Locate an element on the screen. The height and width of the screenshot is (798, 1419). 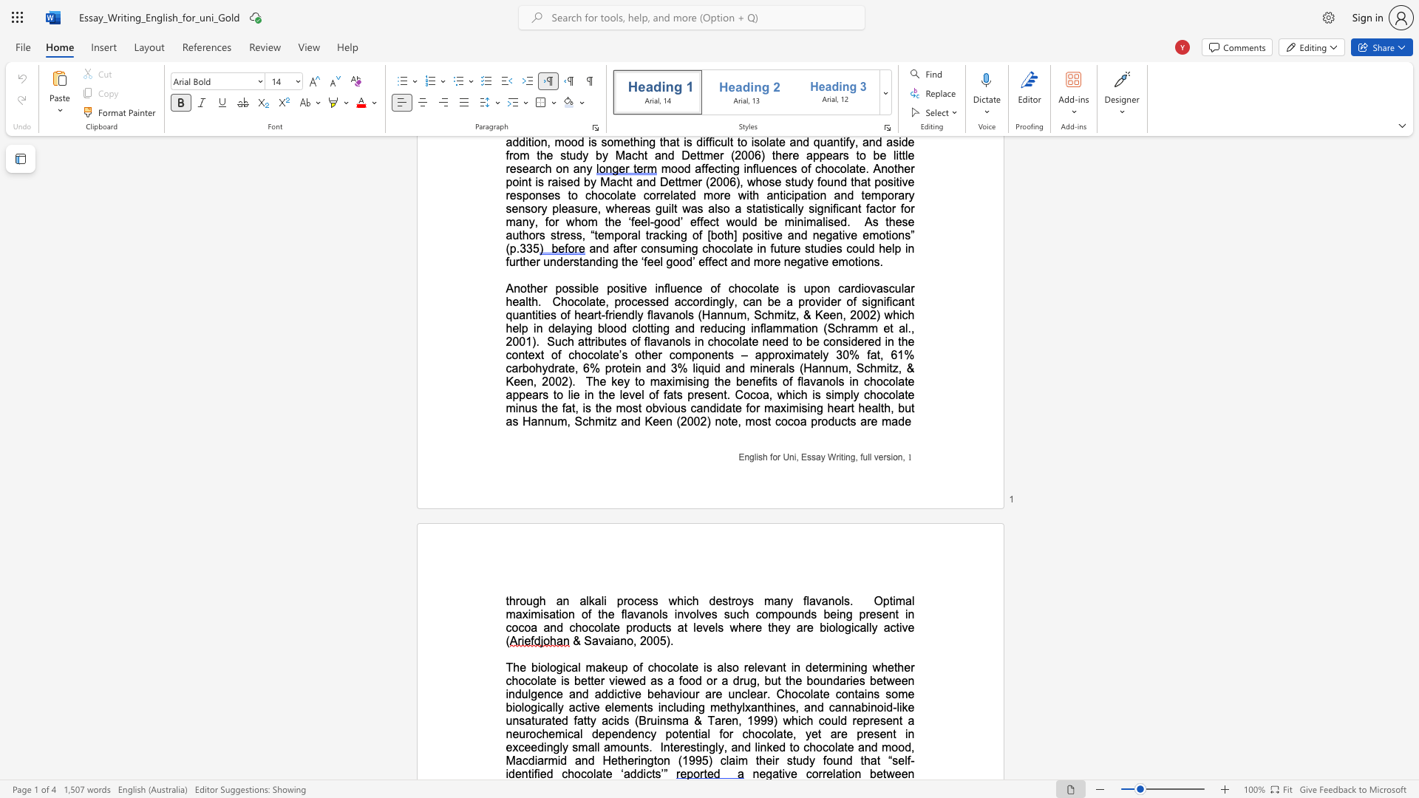
the subset text "a neurochemical dependency potential for chocolate, yet ar" within the text "a neurochemical dependency potential for chocolate, yet are present in exceedingly small amounts" is located at coordinates (907, 720).